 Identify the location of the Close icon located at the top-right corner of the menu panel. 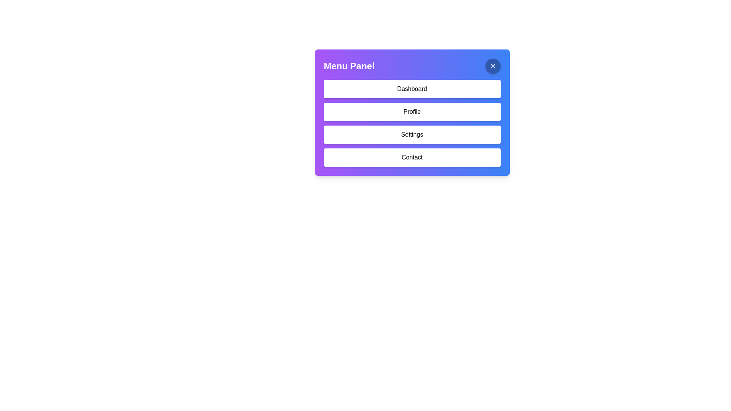
(493, 65).